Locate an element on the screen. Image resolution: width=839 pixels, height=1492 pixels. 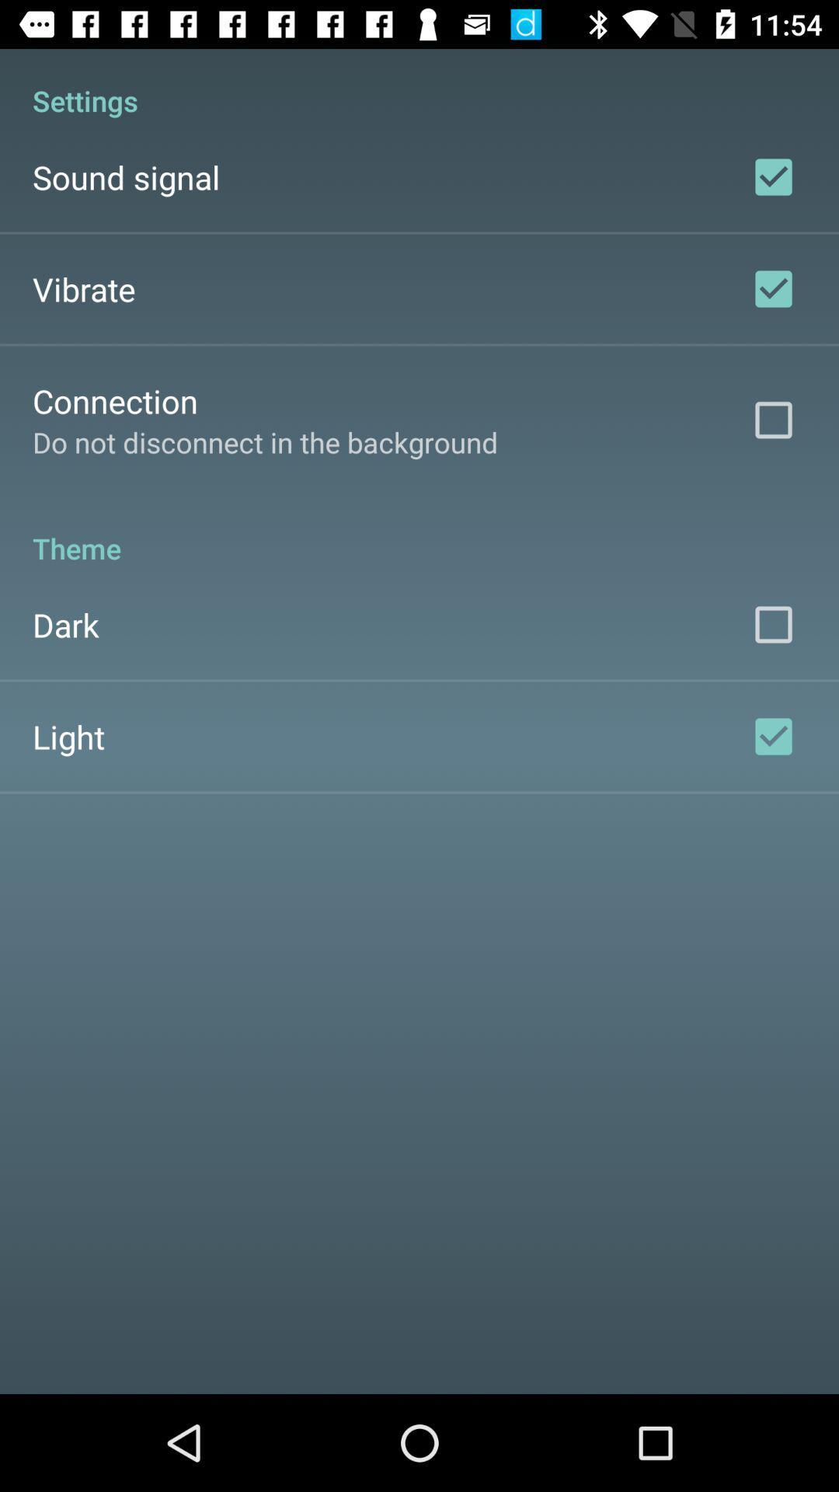
the app below dark app is located at coordinates (68, 735).